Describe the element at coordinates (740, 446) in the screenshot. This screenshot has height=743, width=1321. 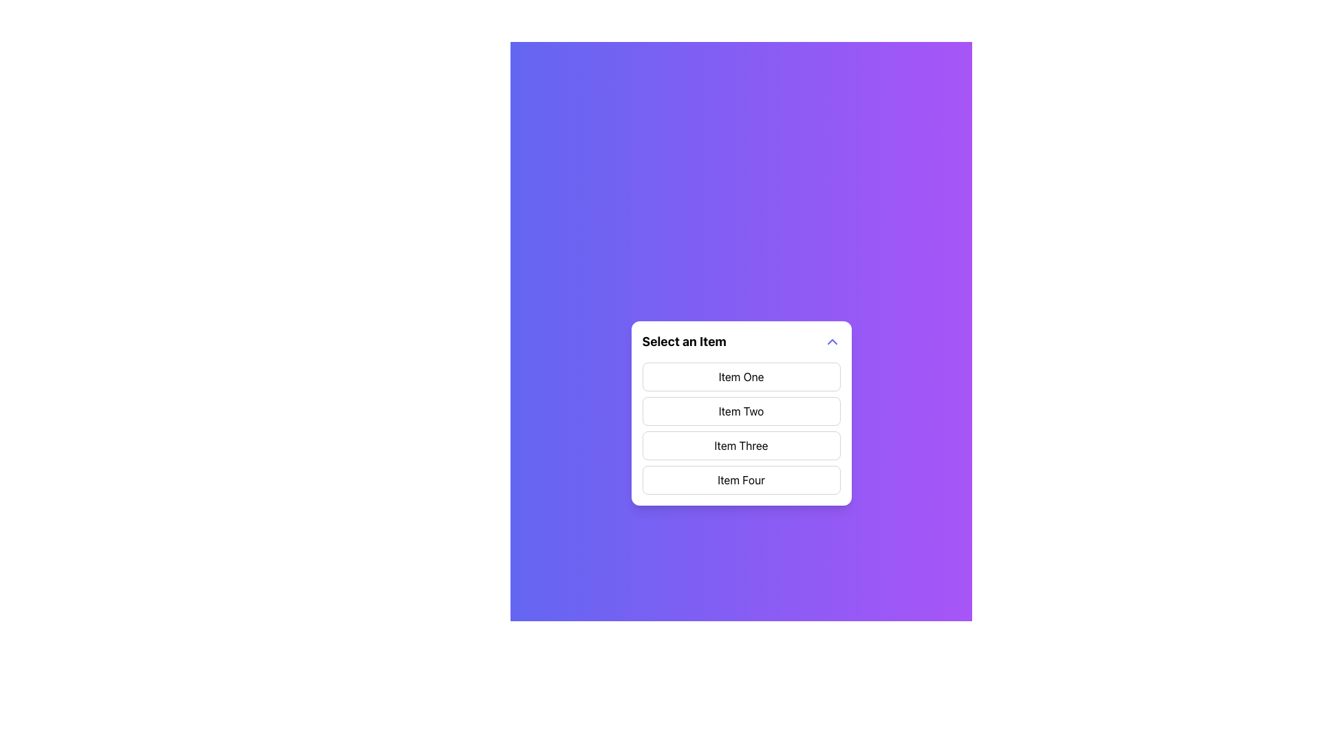
I see `the button labeled 'Item Three' in the vertical list` at that location.